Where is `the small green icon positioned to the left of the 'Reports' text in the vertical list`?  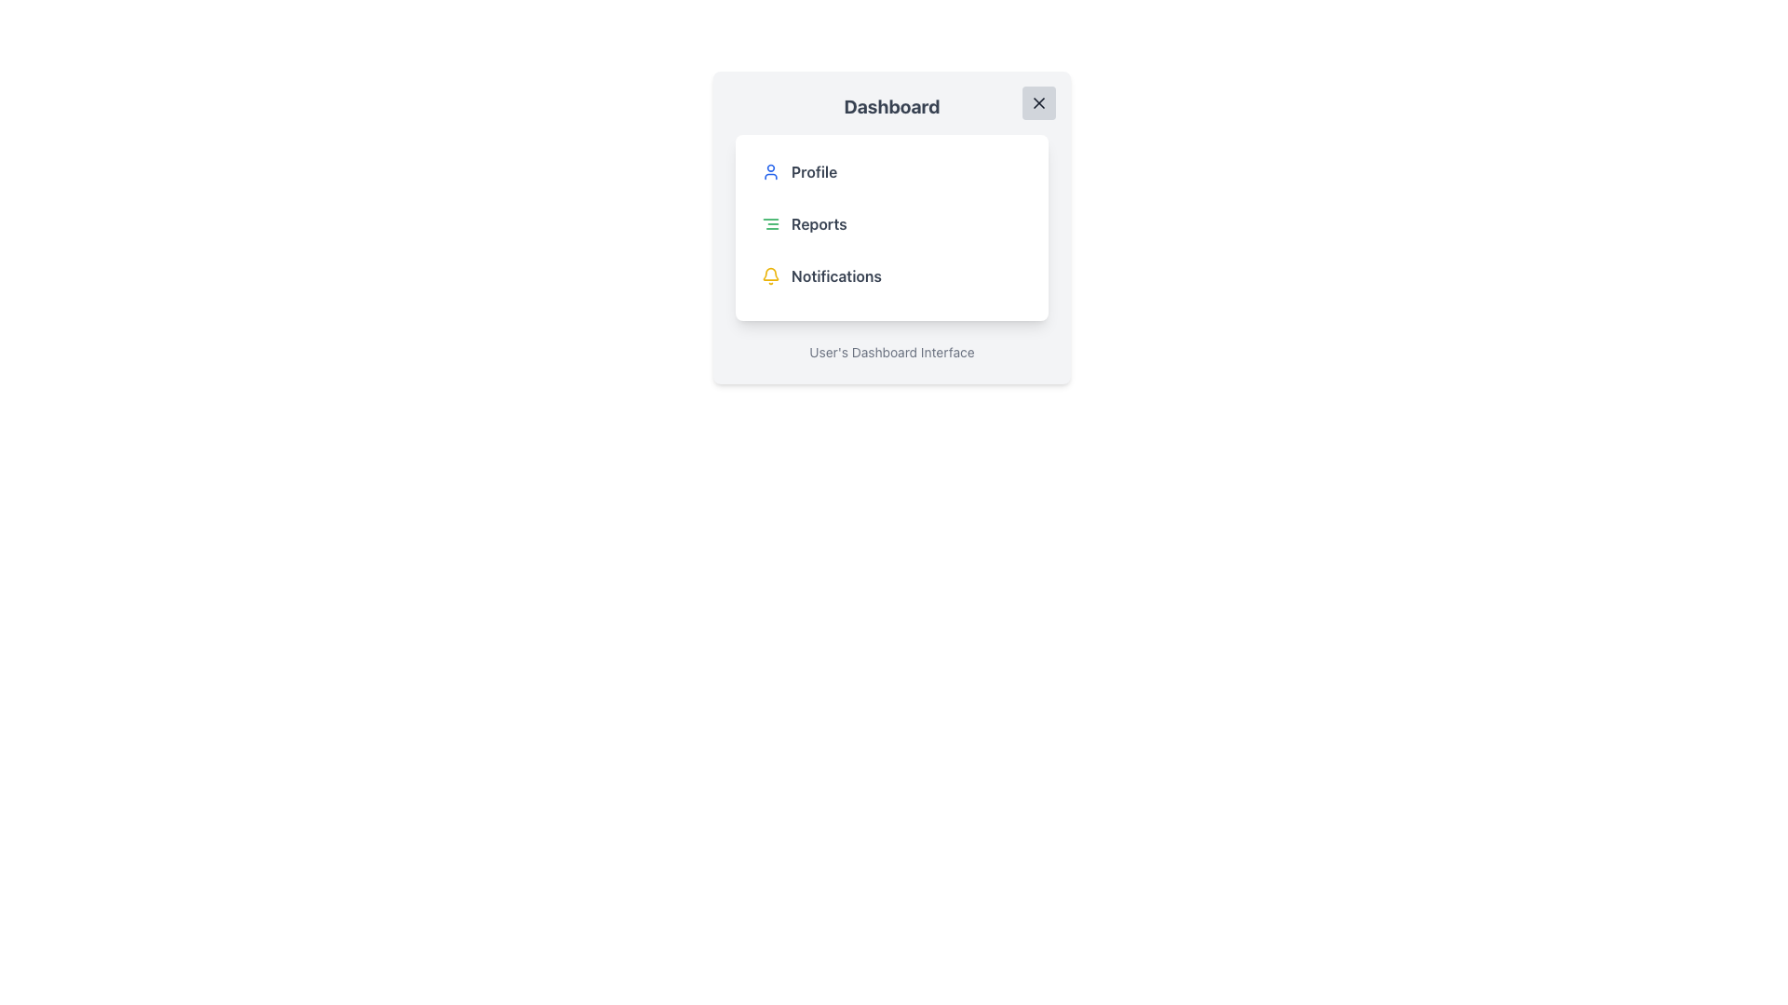 the small green icon positioned to the left of the 'Reports' text in the vertical list is located at coordinates (771, 222).